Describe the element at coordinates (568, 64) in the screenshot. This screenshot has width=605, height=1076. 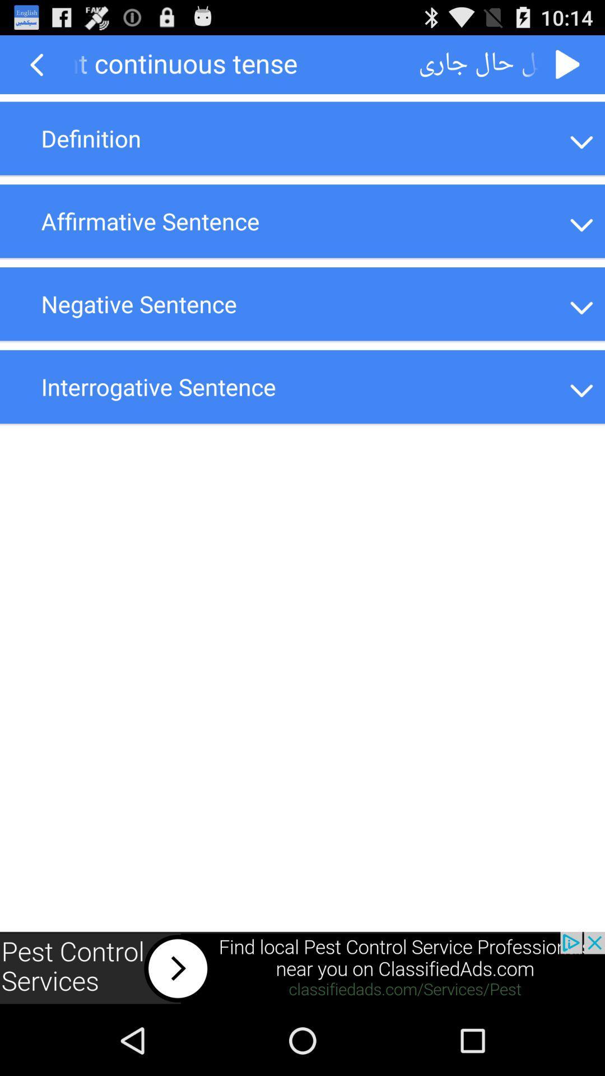
I see `play` at that location.